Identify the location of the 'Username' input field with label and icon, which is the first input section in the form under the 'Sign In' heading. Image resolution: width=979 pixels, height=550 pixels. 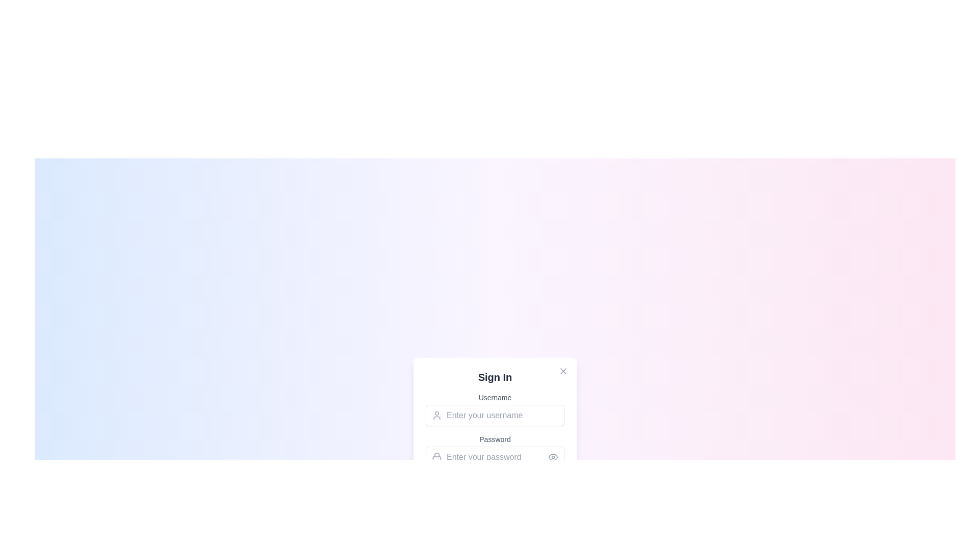
(495, 408).